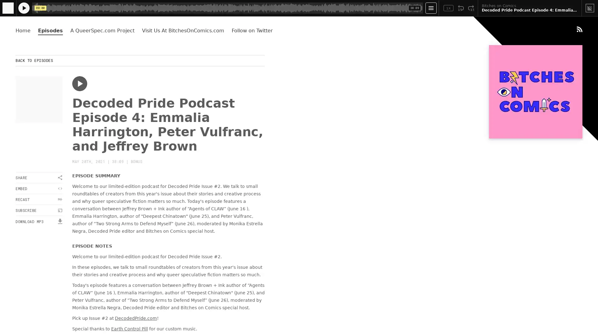 The image size is (598, 336). I want to click on Open Player Settings, so click(430, 8).